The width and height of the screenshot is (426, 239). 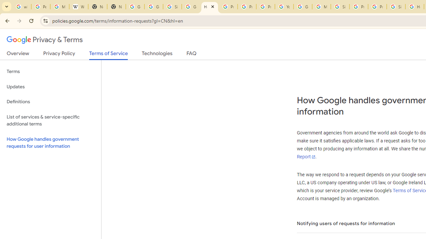 What do you see at coordinates (153, 7) in the screenshot?
I see `'Google Drive: Sign-in'` at bounding box center [153, 7].